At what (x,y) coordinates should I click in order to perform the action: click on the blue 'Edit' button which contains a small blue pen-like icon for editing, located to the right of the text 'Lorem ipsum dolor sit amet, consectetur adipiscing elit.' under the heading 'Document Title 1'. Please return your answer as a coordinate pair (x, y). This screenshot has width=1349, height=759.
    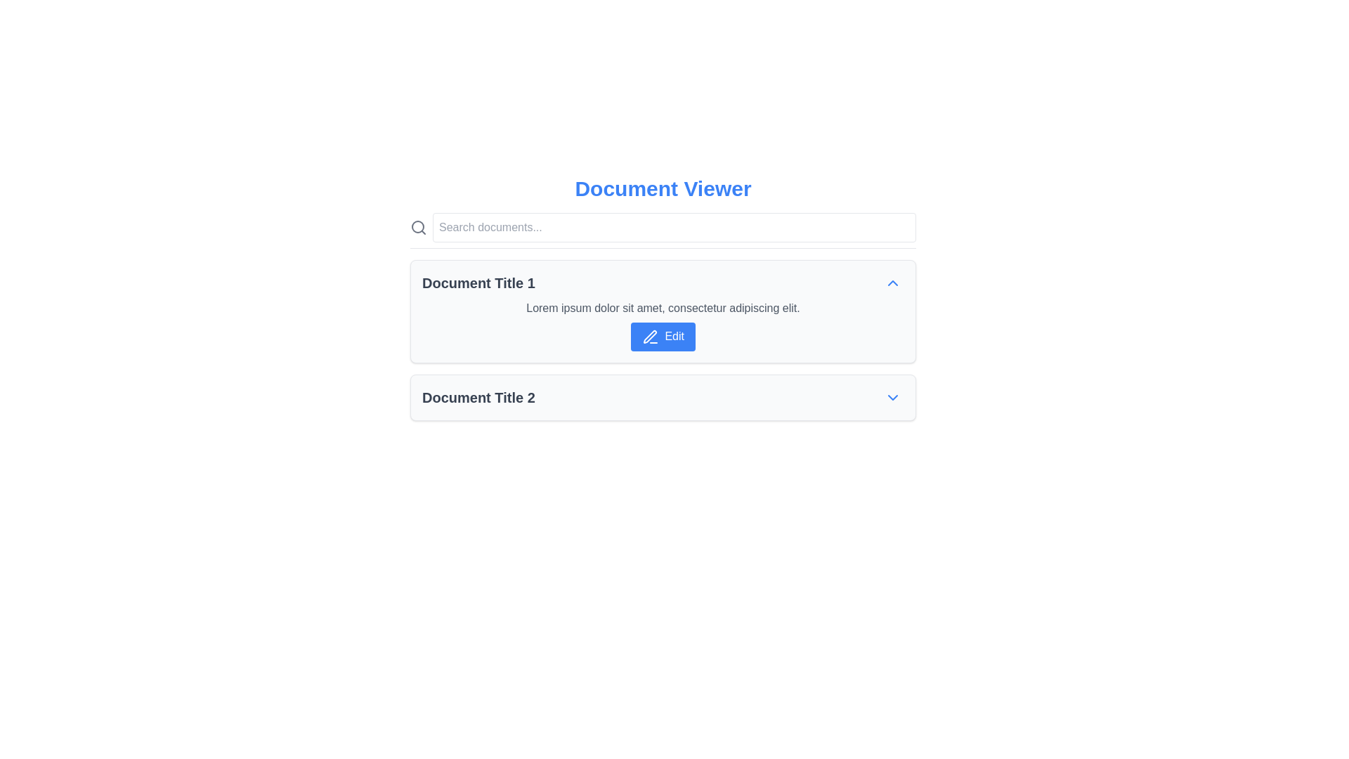
    Looking at the image, I should click on (650, 337).